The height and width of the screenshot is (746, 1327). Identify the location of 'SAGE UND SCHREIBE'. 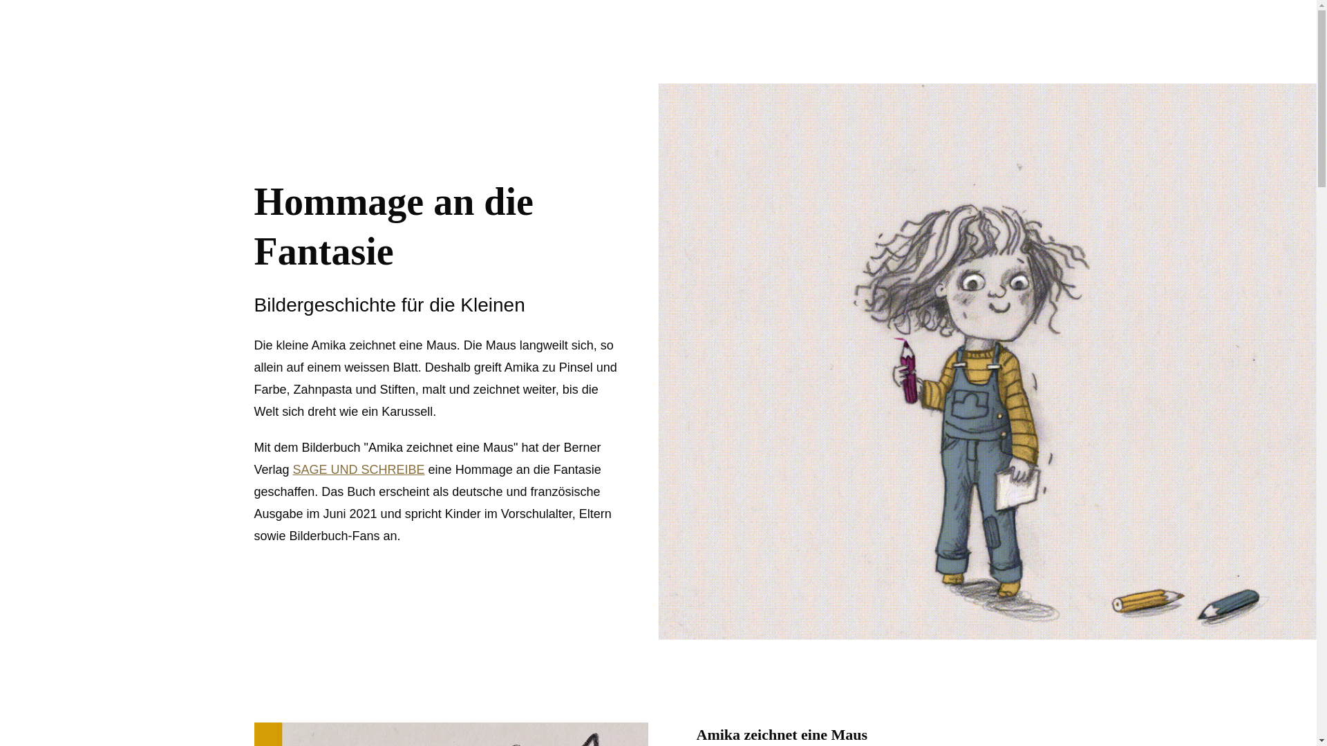
(292, 468).